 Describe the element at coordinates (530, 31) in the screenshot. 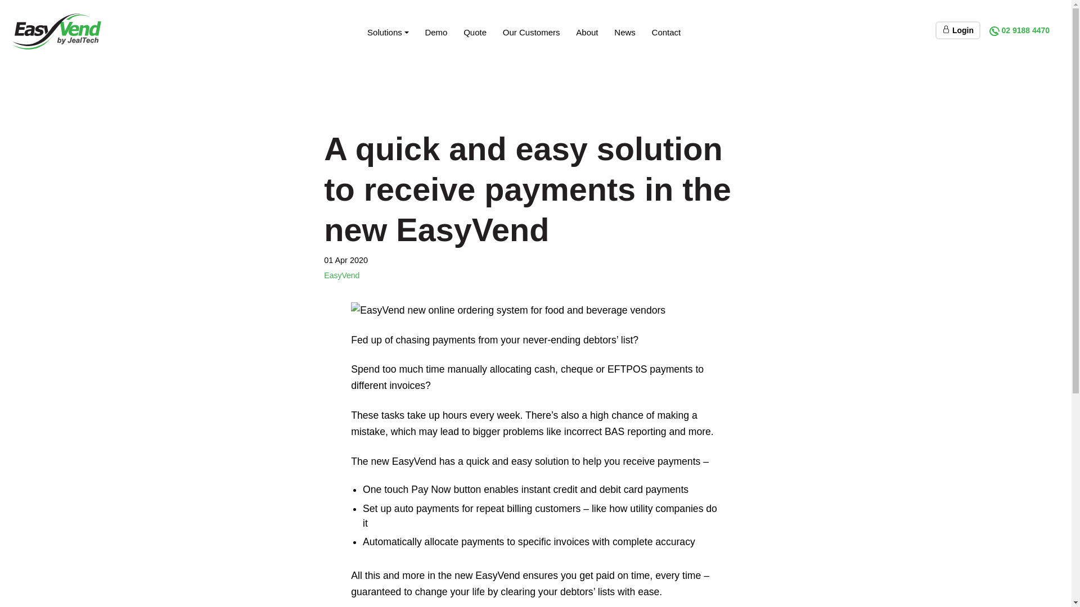

I see `'Our Customers'` at that location.